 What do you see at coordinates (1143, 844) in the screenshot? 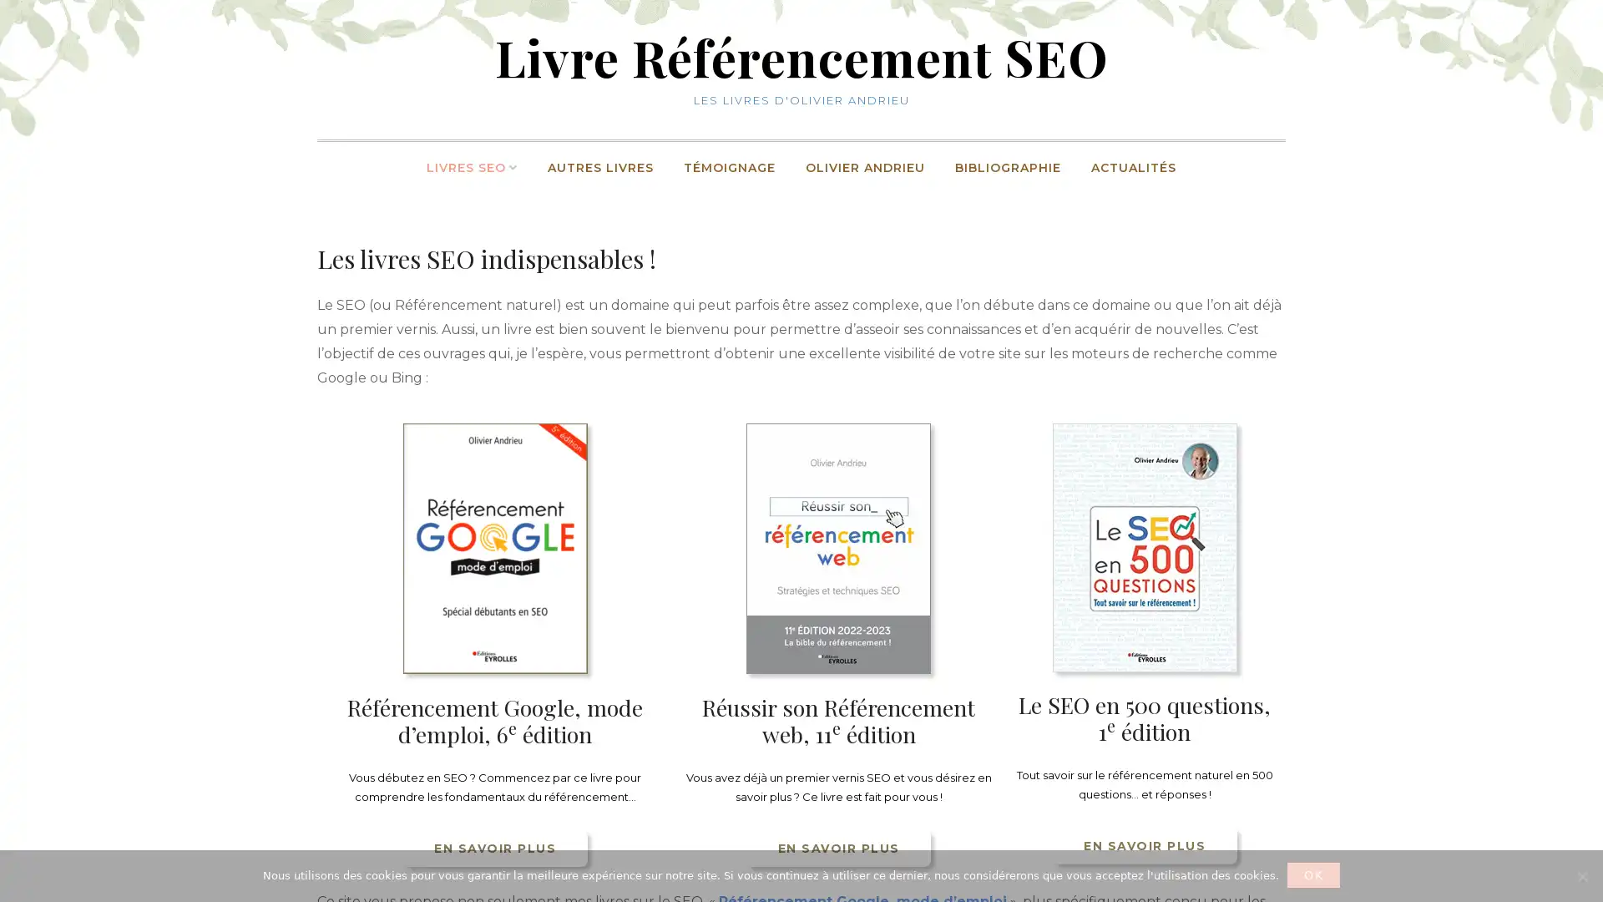
I see `EN SAVOIR PLUS` at bounding box center [1143, 844].